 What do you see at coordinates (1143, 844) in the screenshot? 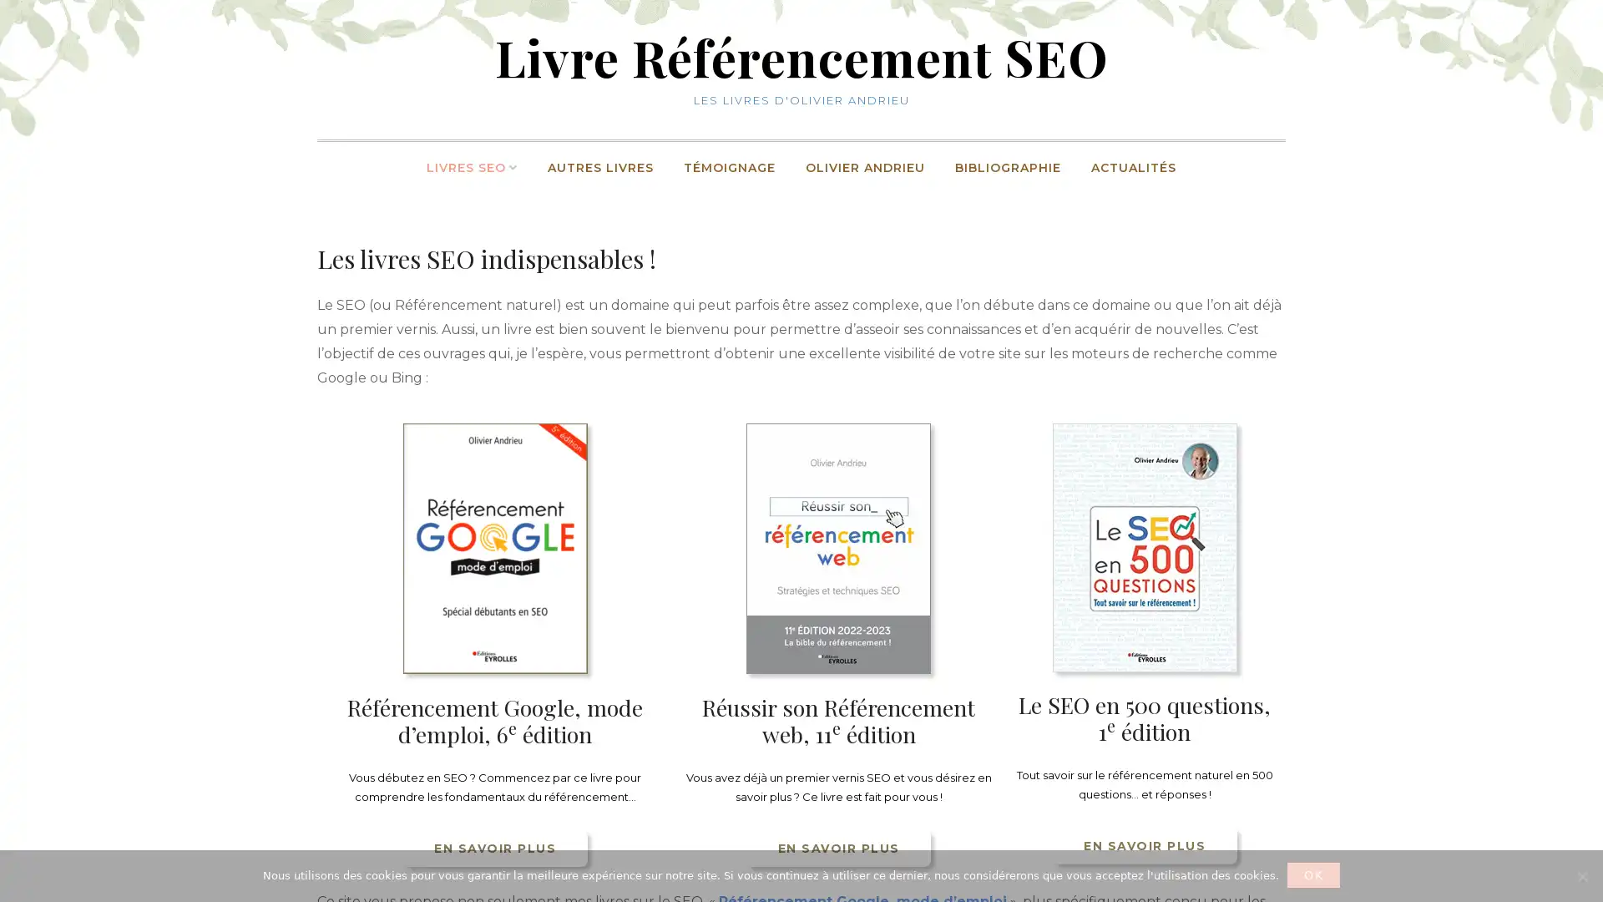
I see `EN SAVOIR PLUS` at bounding box center [1143, 844].